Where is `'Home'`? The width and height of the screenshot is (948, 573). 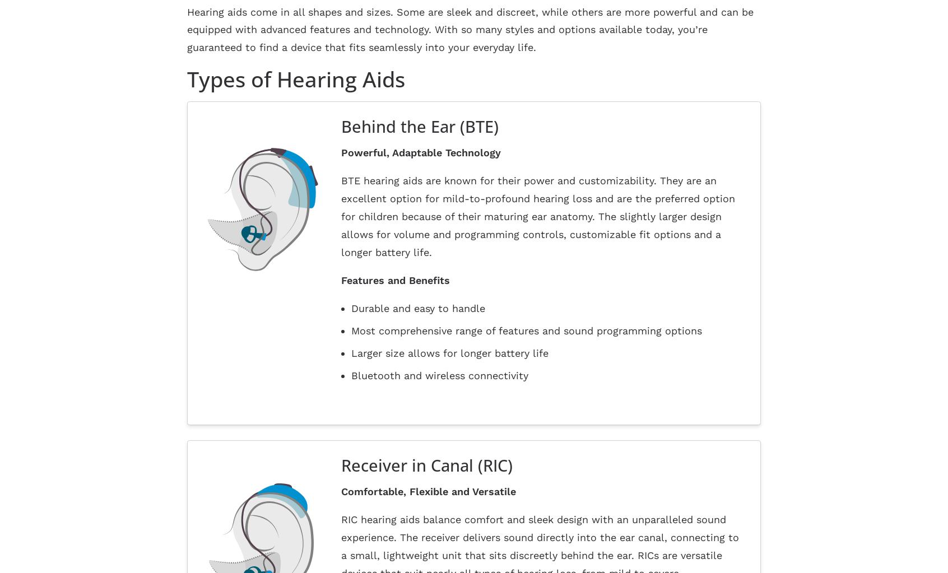 'Home' is located at coordinates (342, 406).